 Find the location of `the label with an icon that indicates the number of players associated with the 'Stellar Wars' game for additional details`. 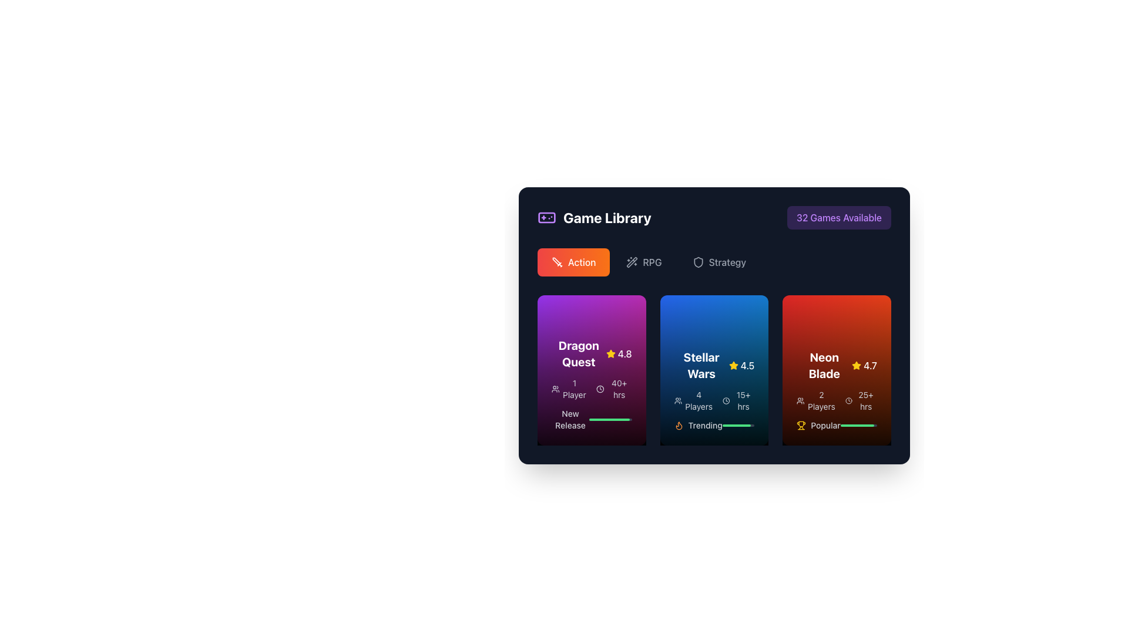

the label with an icon that indicates the number of players associated with the 'Stellar Wars' game for additional details is located at coordinates (693, 400).